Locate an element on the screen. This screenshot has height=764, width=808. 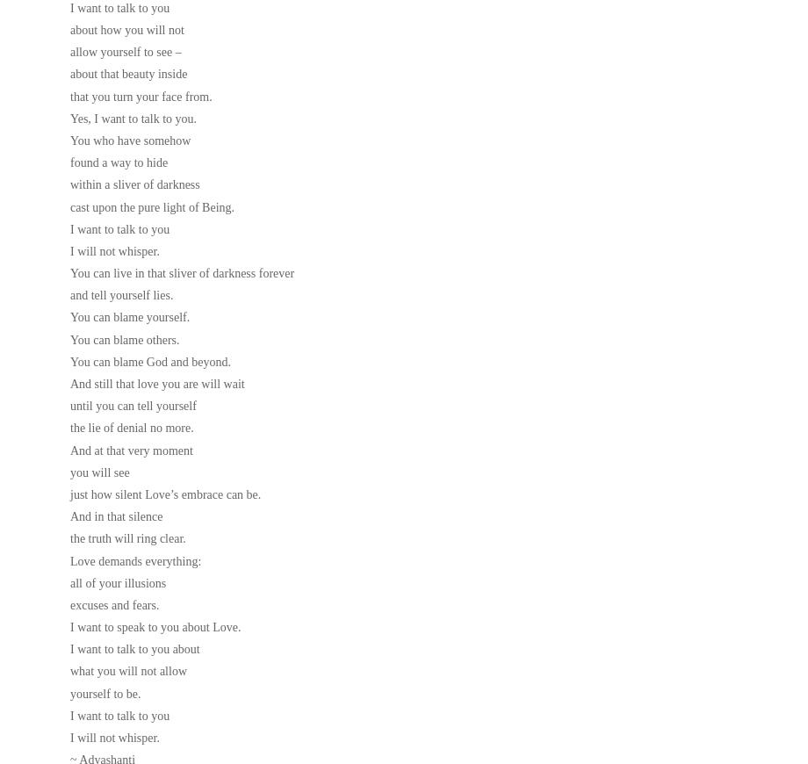
'Yes, I want to talk to you.' is located at coordinates (132, 117).